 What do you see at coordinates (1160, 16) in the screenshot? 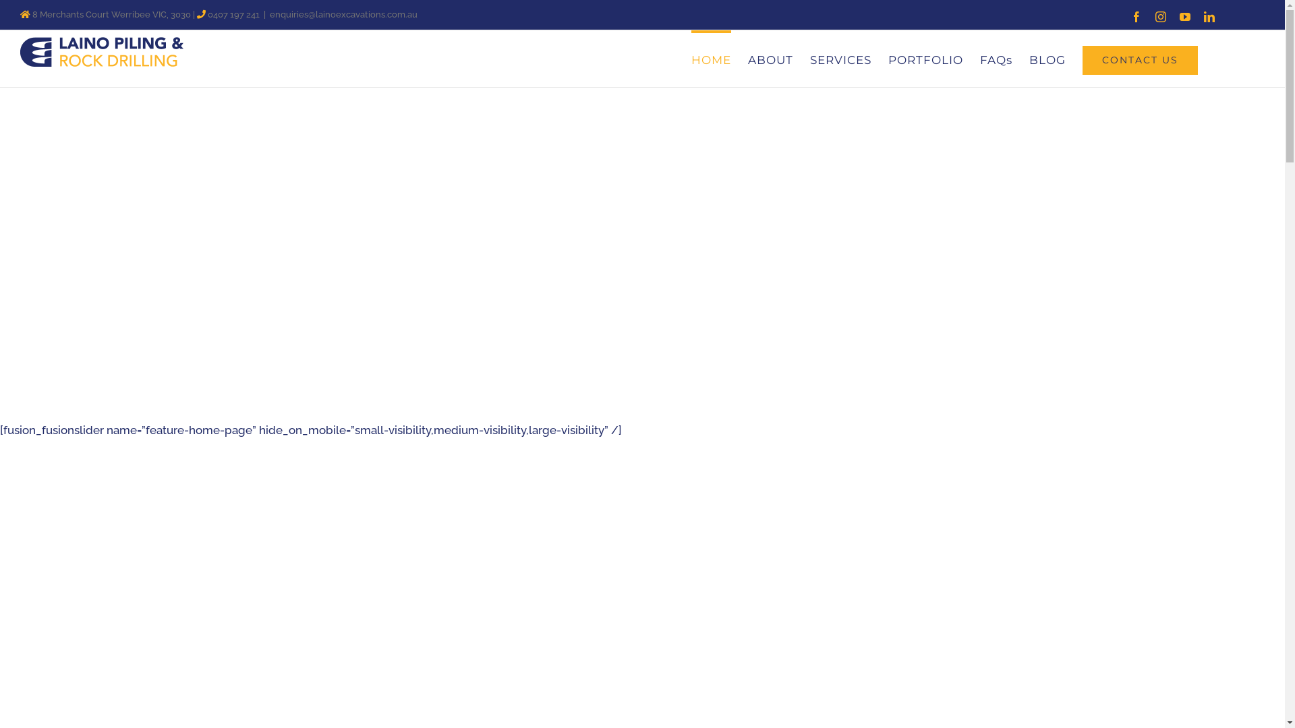
I see `'Instagram'` at bounding box center [1160, 16].